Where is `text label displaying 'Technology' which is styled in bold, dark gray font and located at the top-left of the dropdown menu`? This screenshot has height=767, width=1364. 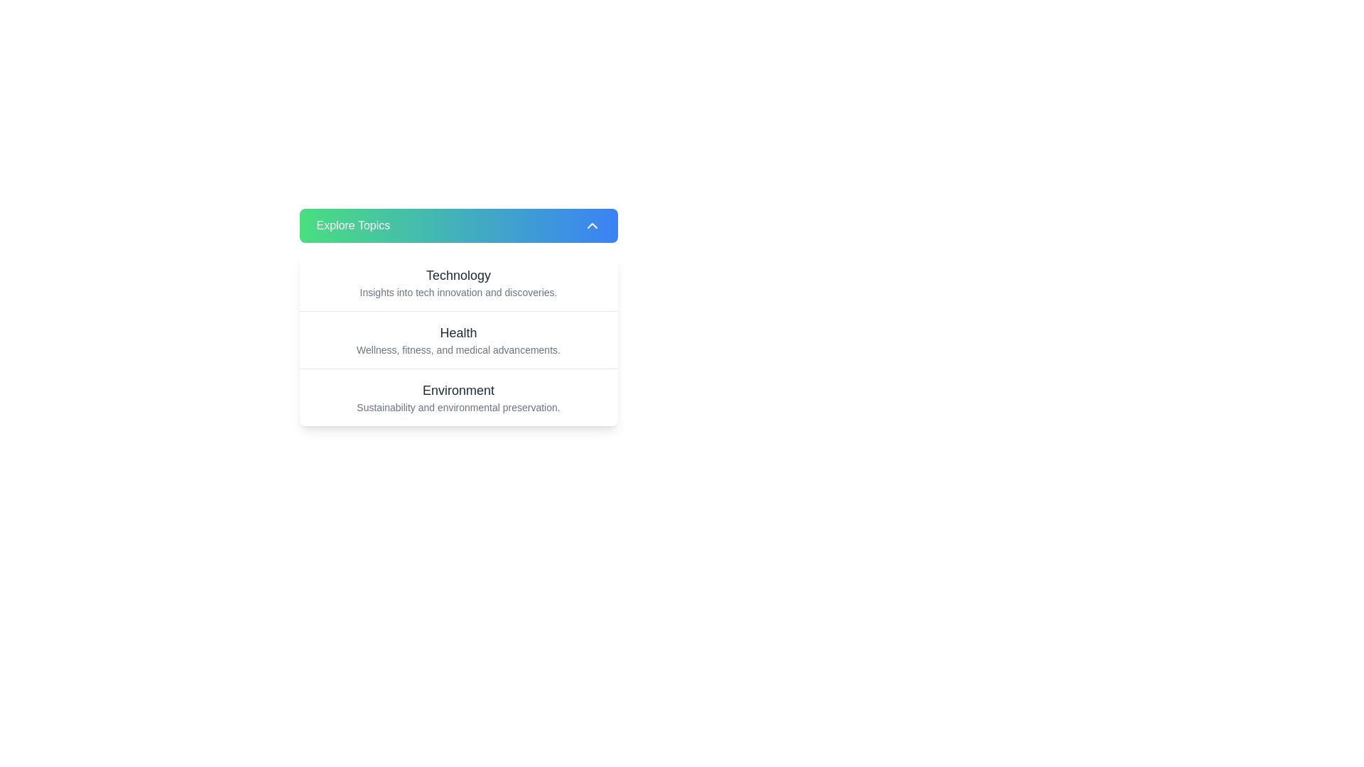 text label displaying 'Technology' which is styled in bold, dark gray font and located at the top-left of the dropdown menu is located at coordinates (458, 276).